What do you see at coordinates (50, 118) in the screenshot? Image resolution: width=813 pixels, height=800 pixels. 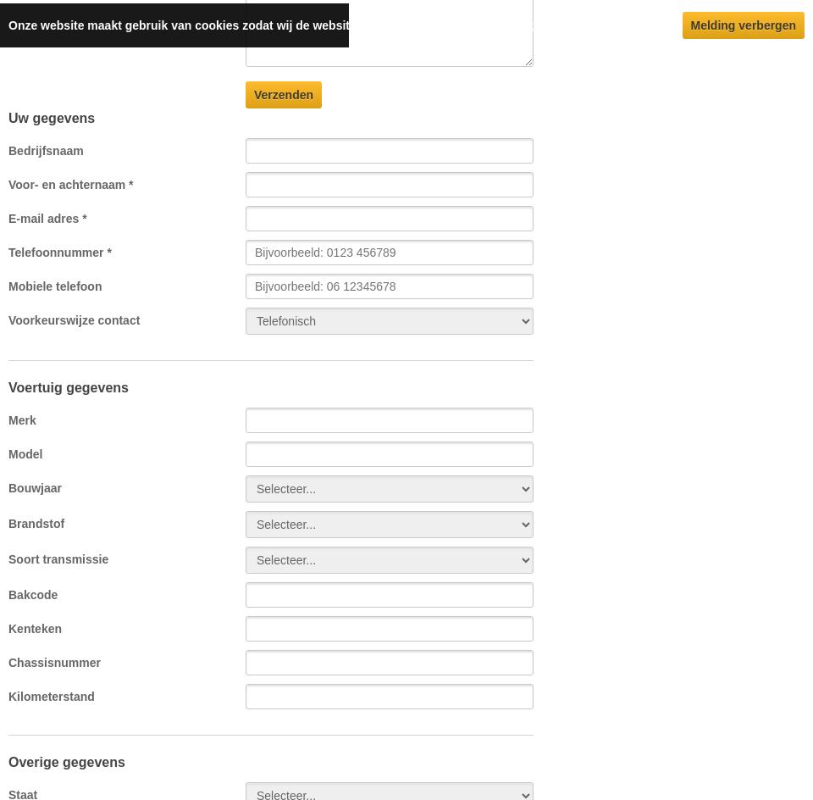 I see `'Uw gegevens'` at bounding box center [50, 118].